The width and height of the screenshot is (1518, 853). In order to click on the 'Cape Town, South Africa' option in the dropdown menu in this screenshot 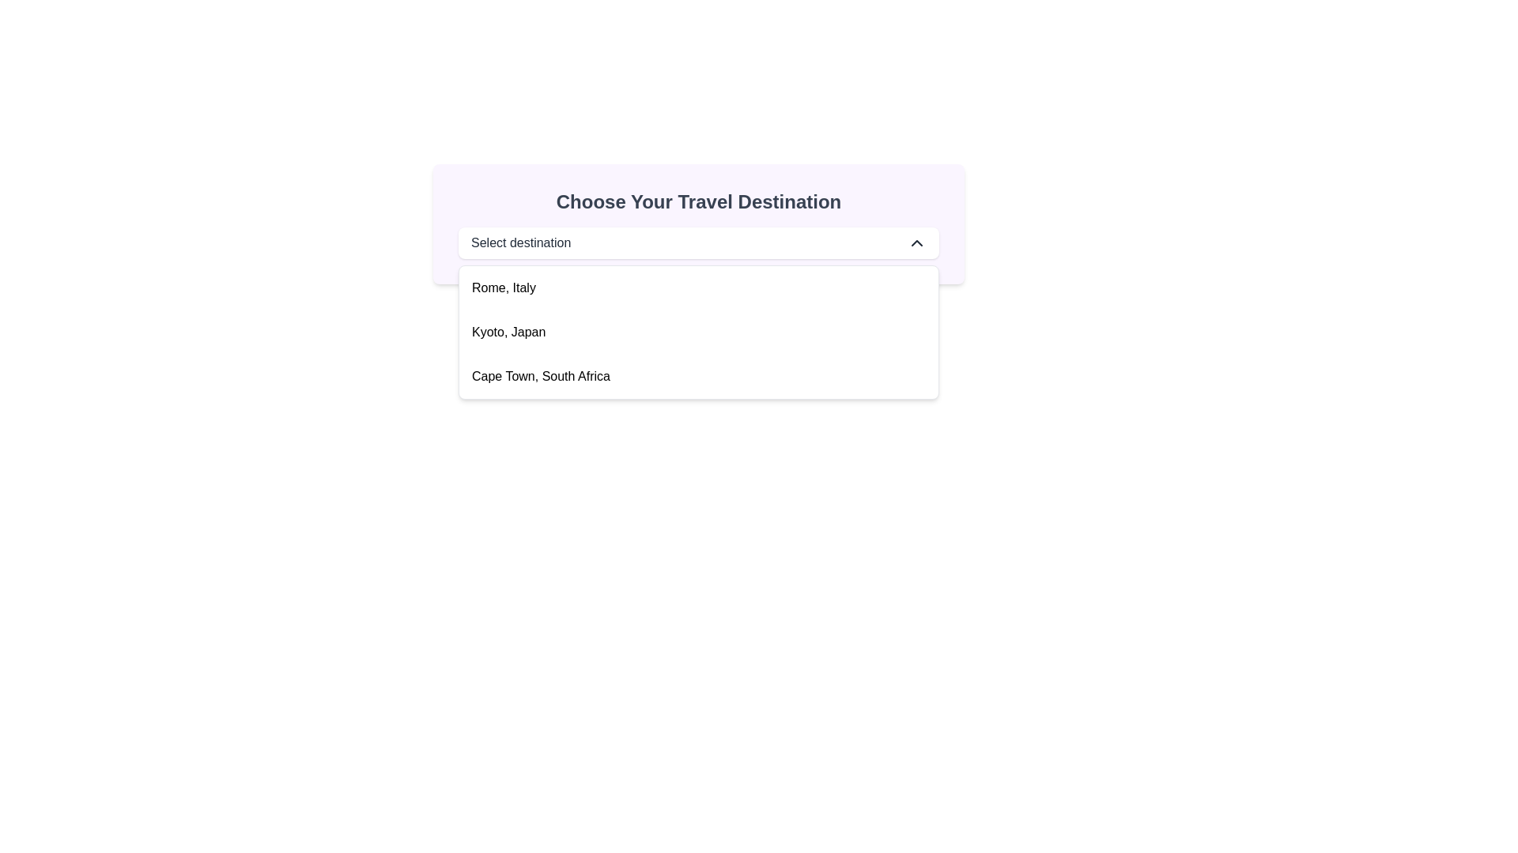, I will do `click(541, 377)`.